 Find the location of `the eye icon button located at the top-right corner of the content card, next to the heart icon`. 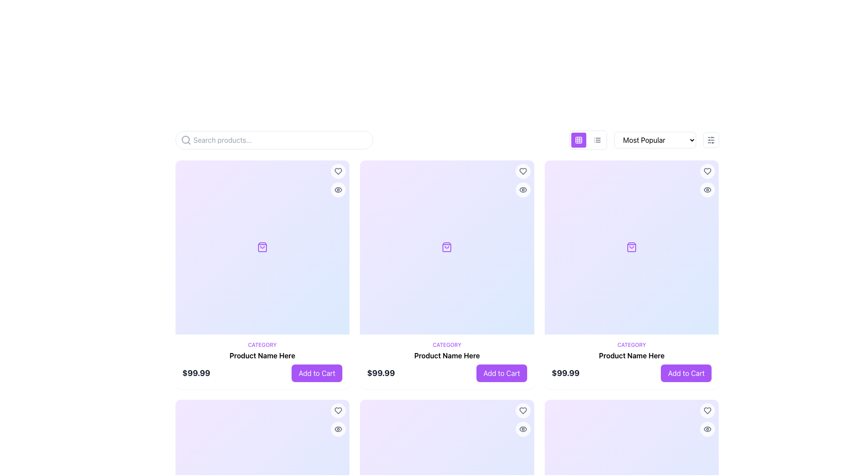

the eye icon button located at the top-right corner of the content card, next to the heart icon is located at coordinates (708, 428).